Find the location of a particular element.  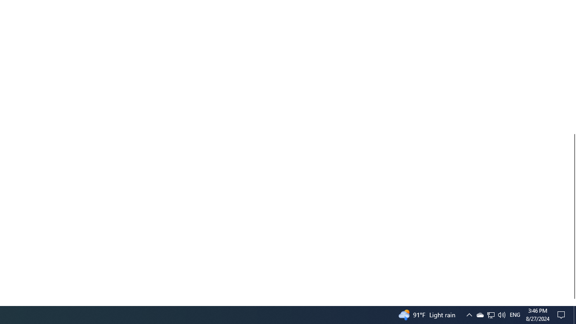

'Vertical Small Increase' is located at coordinates (572, 302).